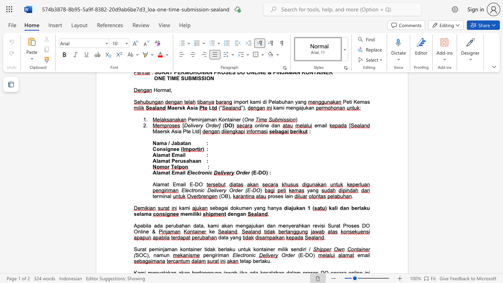 The image size is (503, 283). What do you see at coordinates (248, 255) in the screenshot?
I see `the space between the continuous character "o" and "n" in the text` at bounding box center [248, 255].